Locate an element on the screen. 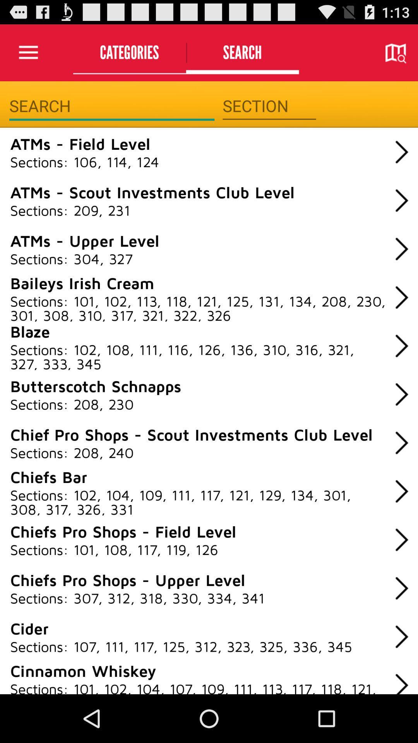 Image resolution: width=418 pixels, height=743 pixels. icon next to categories is located at coordinates (28, 52).